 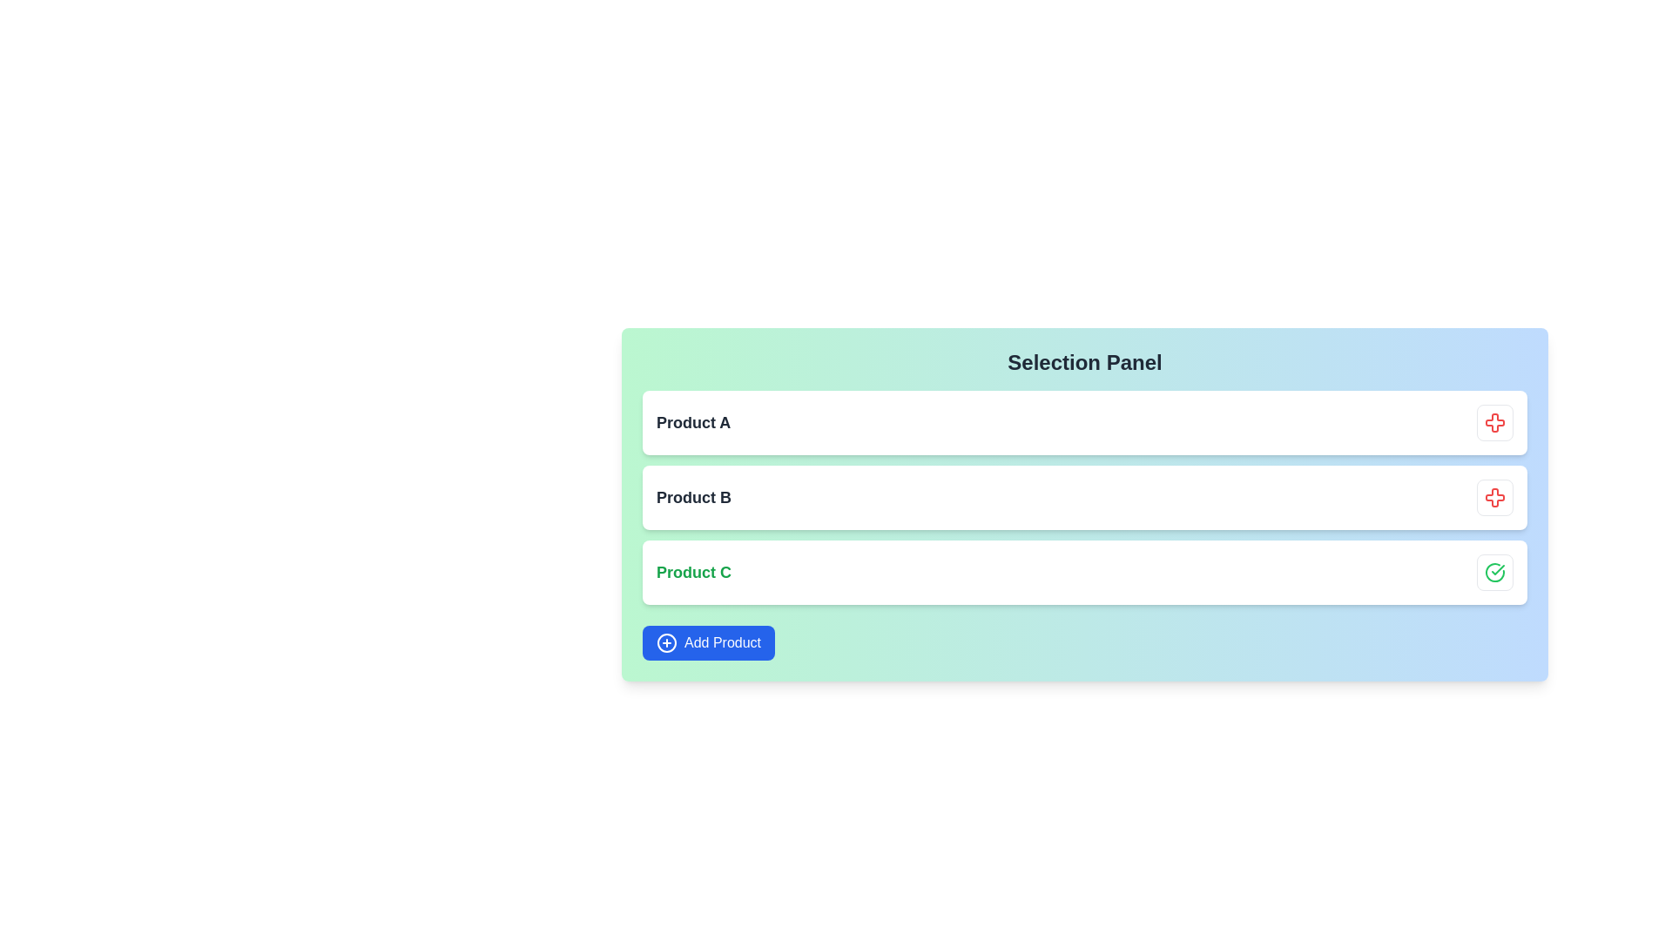 I want to click on the confirm button for 'Product C', so click(x=1494, y=573).